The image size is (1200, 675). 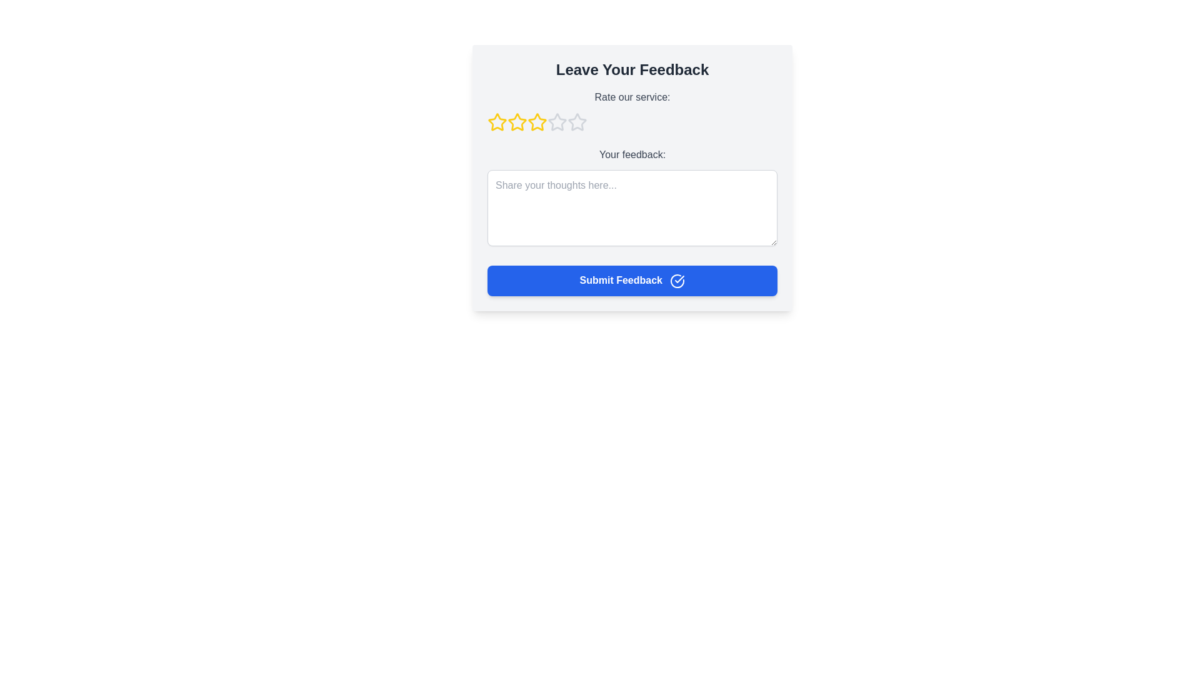 I want to click on the first star icon under the 'Rate our service' heading, so click(x=497, y=122).